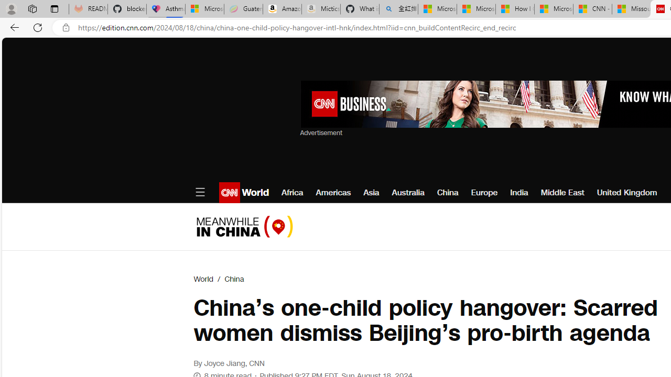 The height and width of the screenshot is (377, 671). Describe the element at coordinates (229, 192) in the screenshot. I see `'CNN logo'` at that location.